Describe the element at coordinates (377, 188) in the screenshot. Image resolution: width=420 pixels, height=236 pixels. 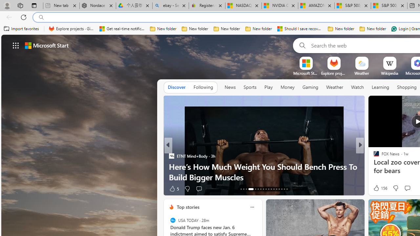
I see `'11 Like'` at that location.